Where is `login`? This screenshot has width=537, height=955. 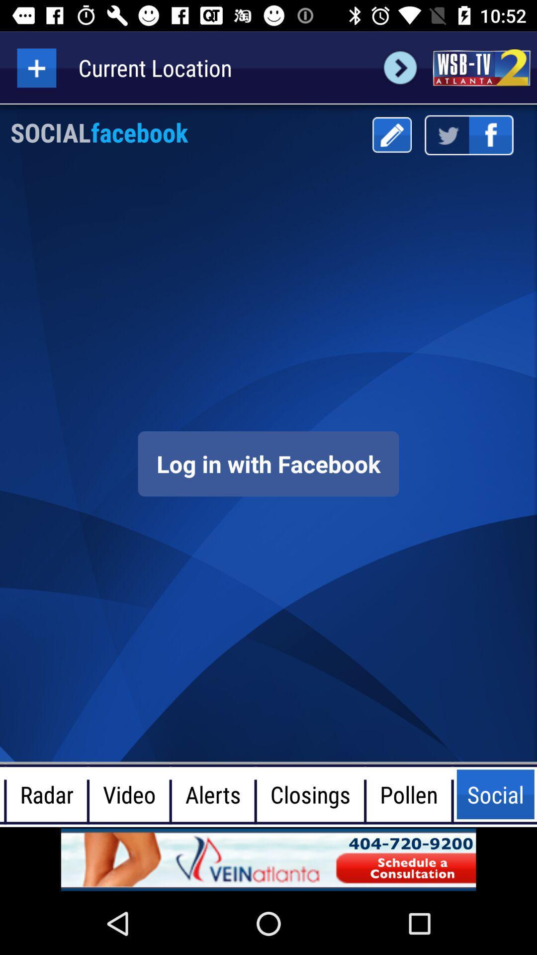 login is located at coordinates (268, 463).